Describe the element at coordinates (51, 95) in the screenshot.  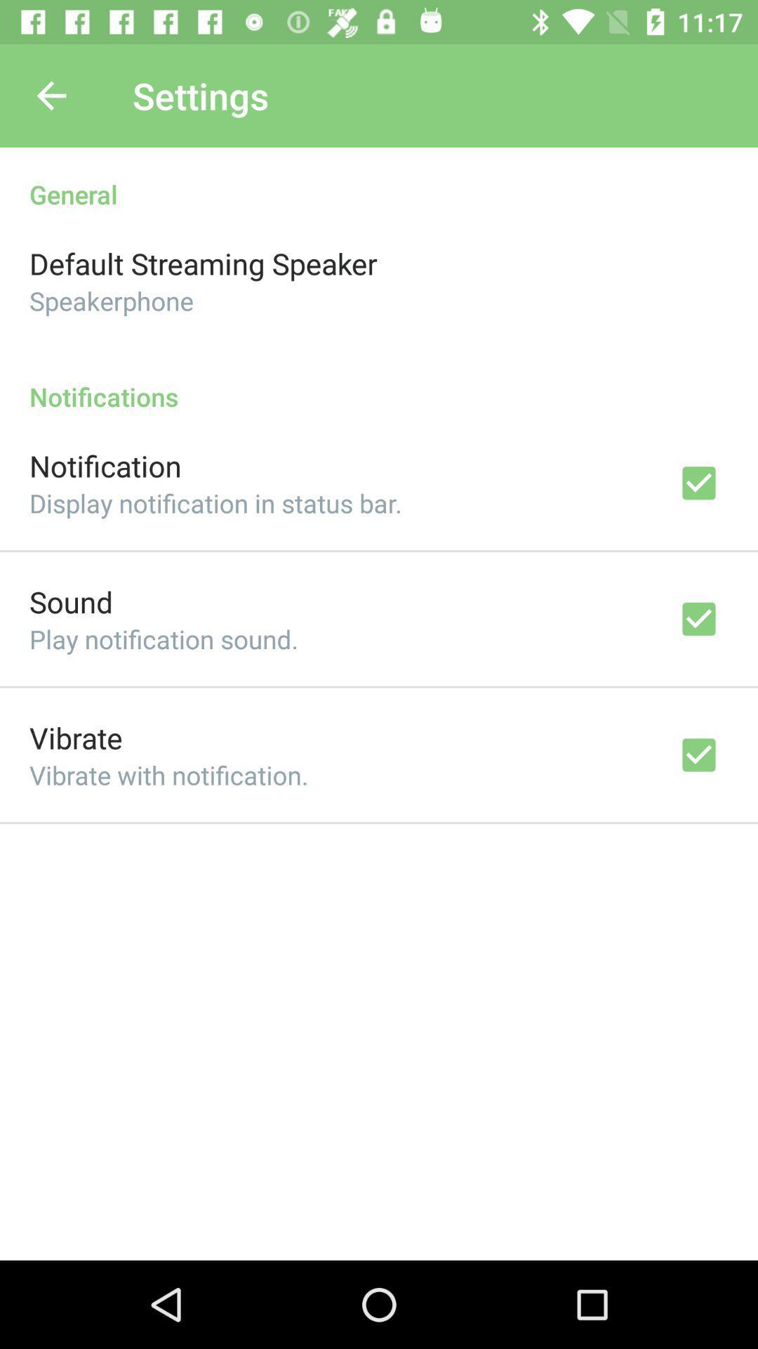
I see `the icon next to the settings` at that location.